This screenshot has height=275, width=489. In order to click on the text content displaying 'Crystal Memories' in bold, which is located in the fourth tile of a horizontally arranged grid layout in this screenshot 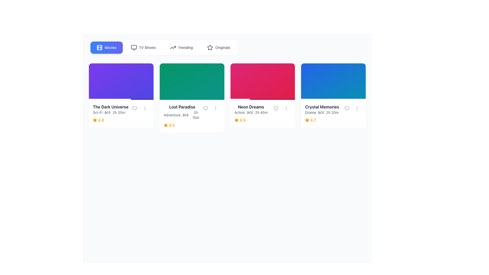, I will do `click(322, 109)`.